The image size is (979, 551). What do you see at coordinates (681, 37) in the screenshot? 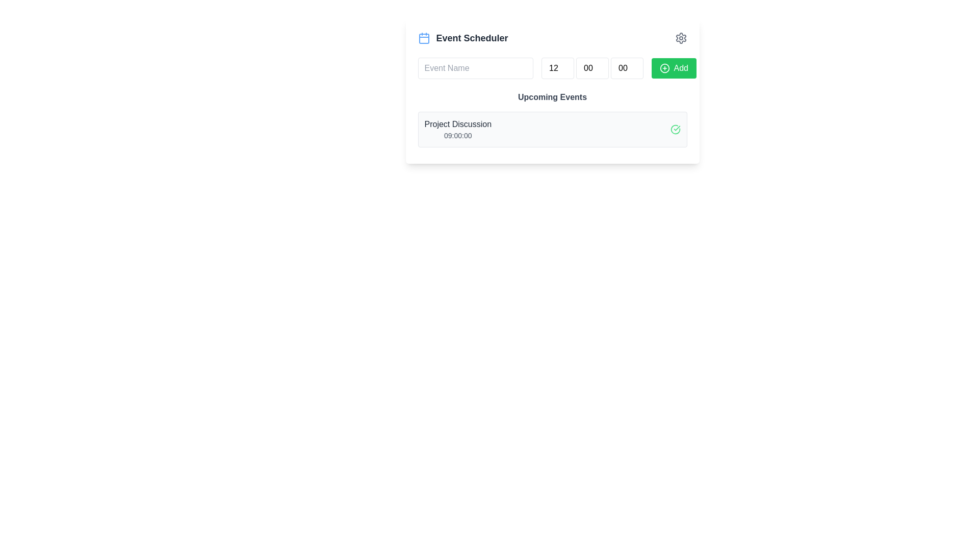
I see `the settings icon located in the top-right corner of the 'Event Scheduler' interface` at bounding box center [681, 37].